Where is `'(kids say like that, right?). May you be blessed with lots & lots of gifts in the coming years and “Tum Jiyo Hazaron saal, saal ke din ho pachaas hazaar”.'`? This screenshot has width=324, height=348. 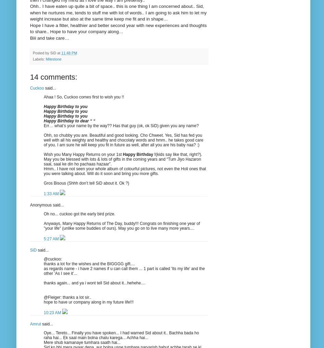 '(kids say like that, right?). May you be blessed with lots & lots of gifts in the coming years and “Tum Jiyo Hazaron saal, saal ke din ho pachaas hazaar”.' is located at coordinates (122, 159).